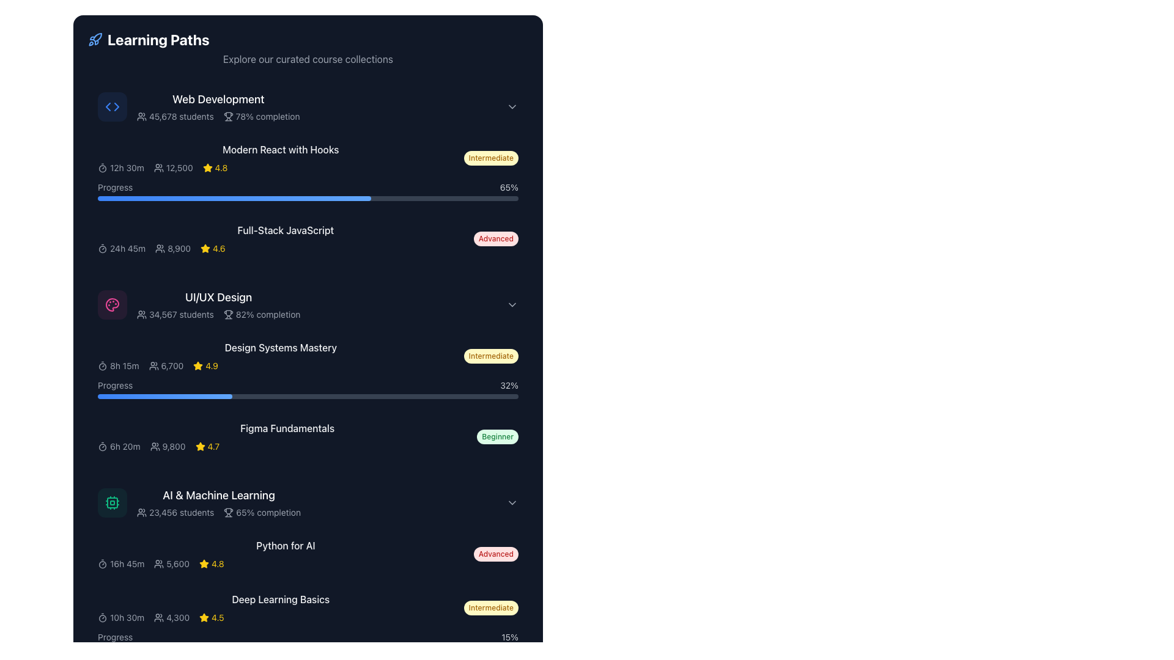 Image resolution: width=1174 pixels, height=660 pixels. I want to click on text content displaying the number '4.5', which is part of the rating system next to the yellow star icon for the course 'Deep Learning Basics', so click(218, 617).